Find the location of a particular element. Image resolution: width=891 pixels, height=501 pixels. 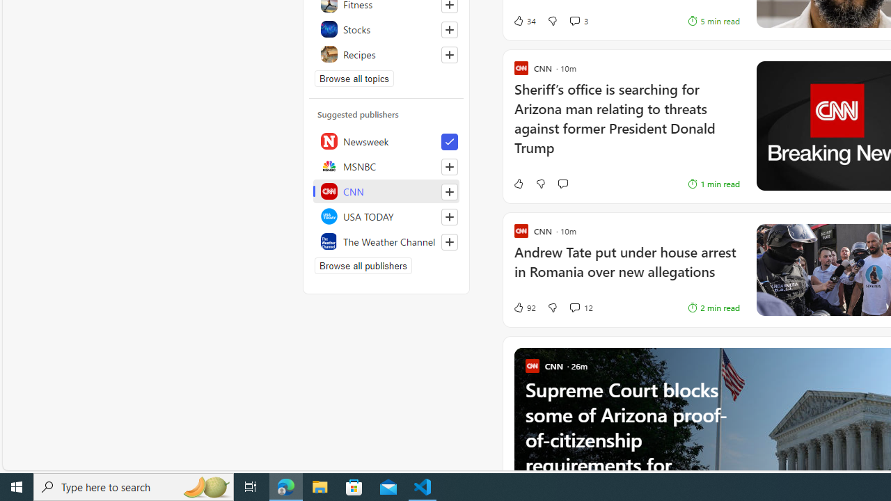

'Start the conversation' is located at coordinates (562, 183).